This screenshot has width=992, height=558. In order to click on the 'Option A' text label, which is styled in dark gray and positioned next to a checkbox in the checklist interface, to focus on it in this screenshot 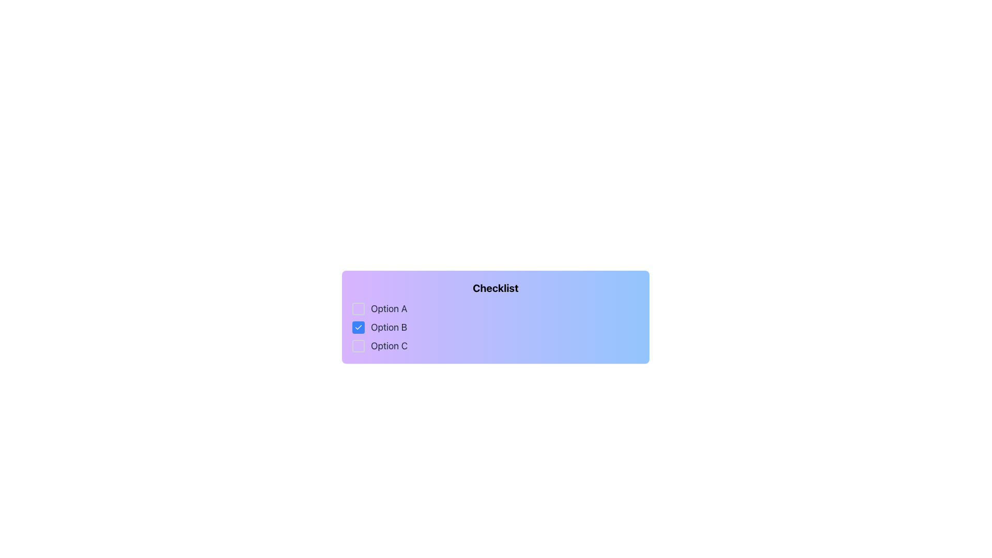, I will do `click(389, 308)`.